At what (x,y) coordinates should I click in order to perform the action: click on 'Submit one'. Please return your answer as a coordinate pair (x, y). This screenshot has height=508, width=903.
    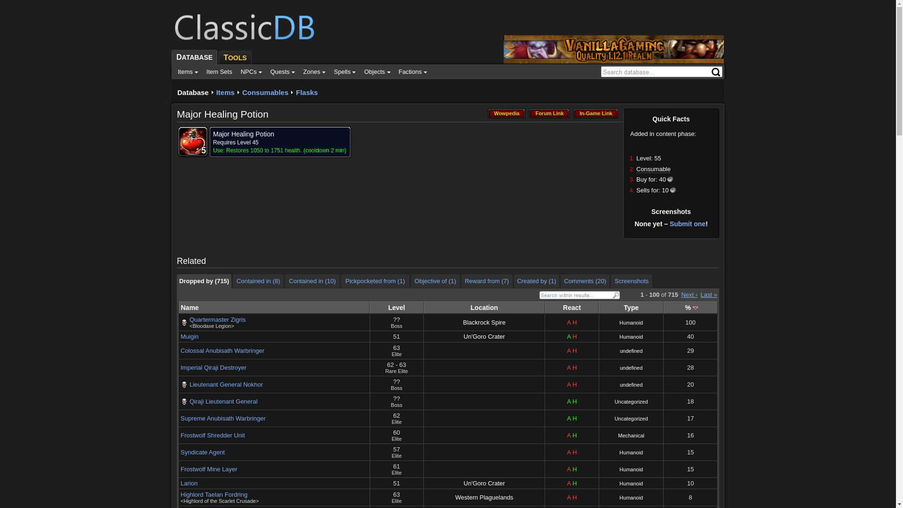
    Looking at the image, I should click on (688, 223).